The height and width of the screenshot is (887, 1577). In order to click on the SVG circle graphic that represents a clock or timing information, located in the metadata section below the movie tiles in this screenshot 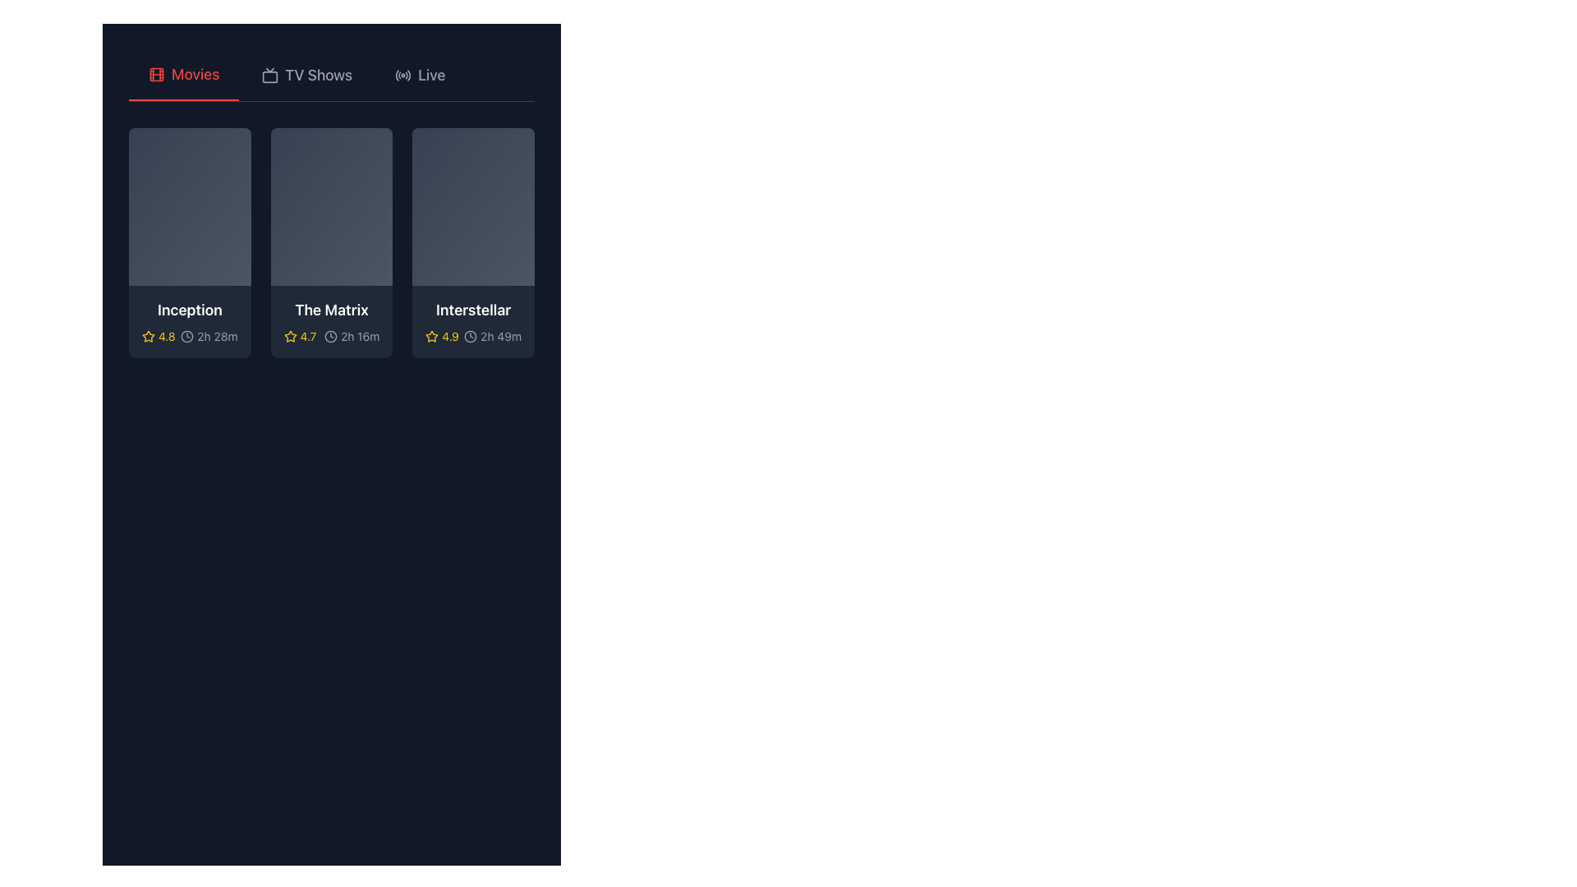, I will do `click(470, 335)`.